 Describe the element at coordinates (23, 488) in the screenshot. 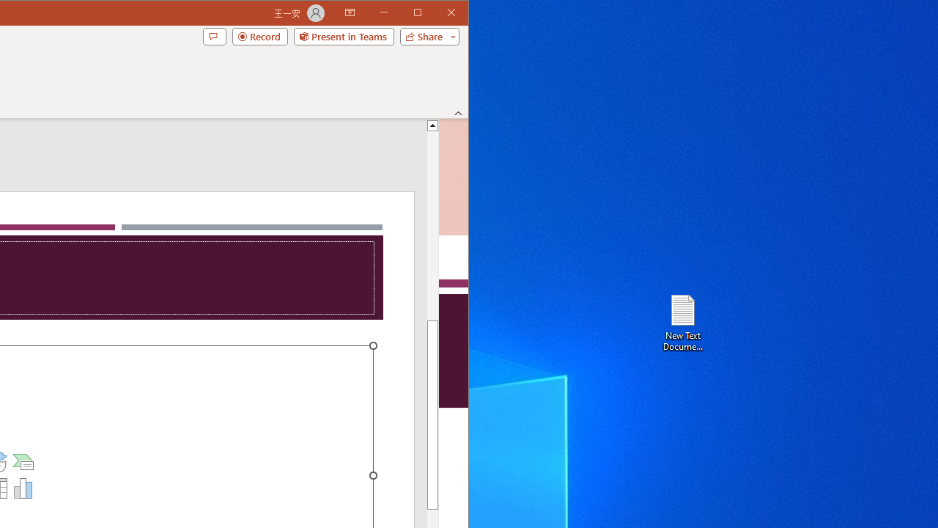

I see `'Insert Chart'` at that location.